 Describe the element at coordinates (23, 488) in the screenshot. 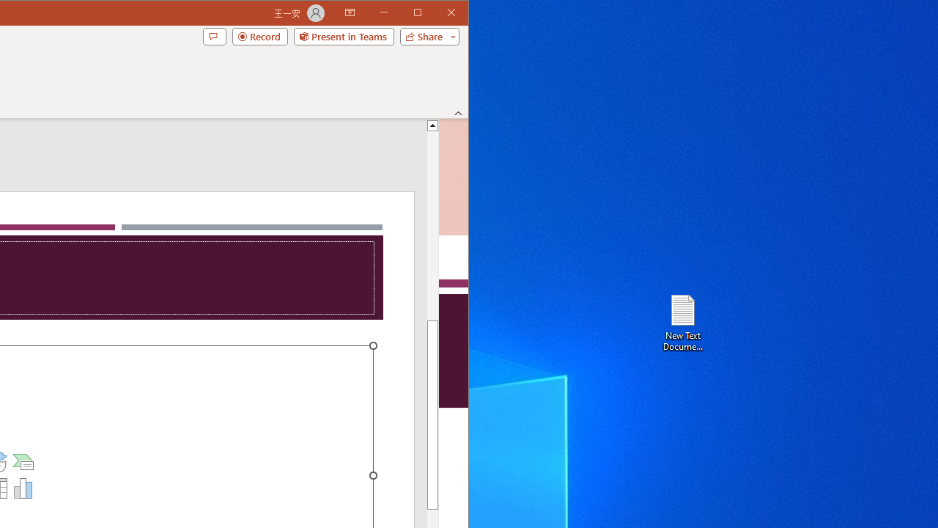

I see `'Insert Chart'` at that location.